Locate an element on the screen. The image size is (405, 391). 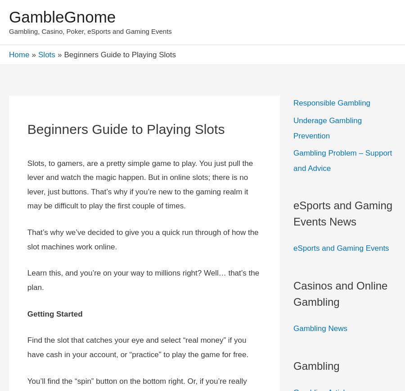
'eSports and Gaming Events' is located at coordinates (293, 248).